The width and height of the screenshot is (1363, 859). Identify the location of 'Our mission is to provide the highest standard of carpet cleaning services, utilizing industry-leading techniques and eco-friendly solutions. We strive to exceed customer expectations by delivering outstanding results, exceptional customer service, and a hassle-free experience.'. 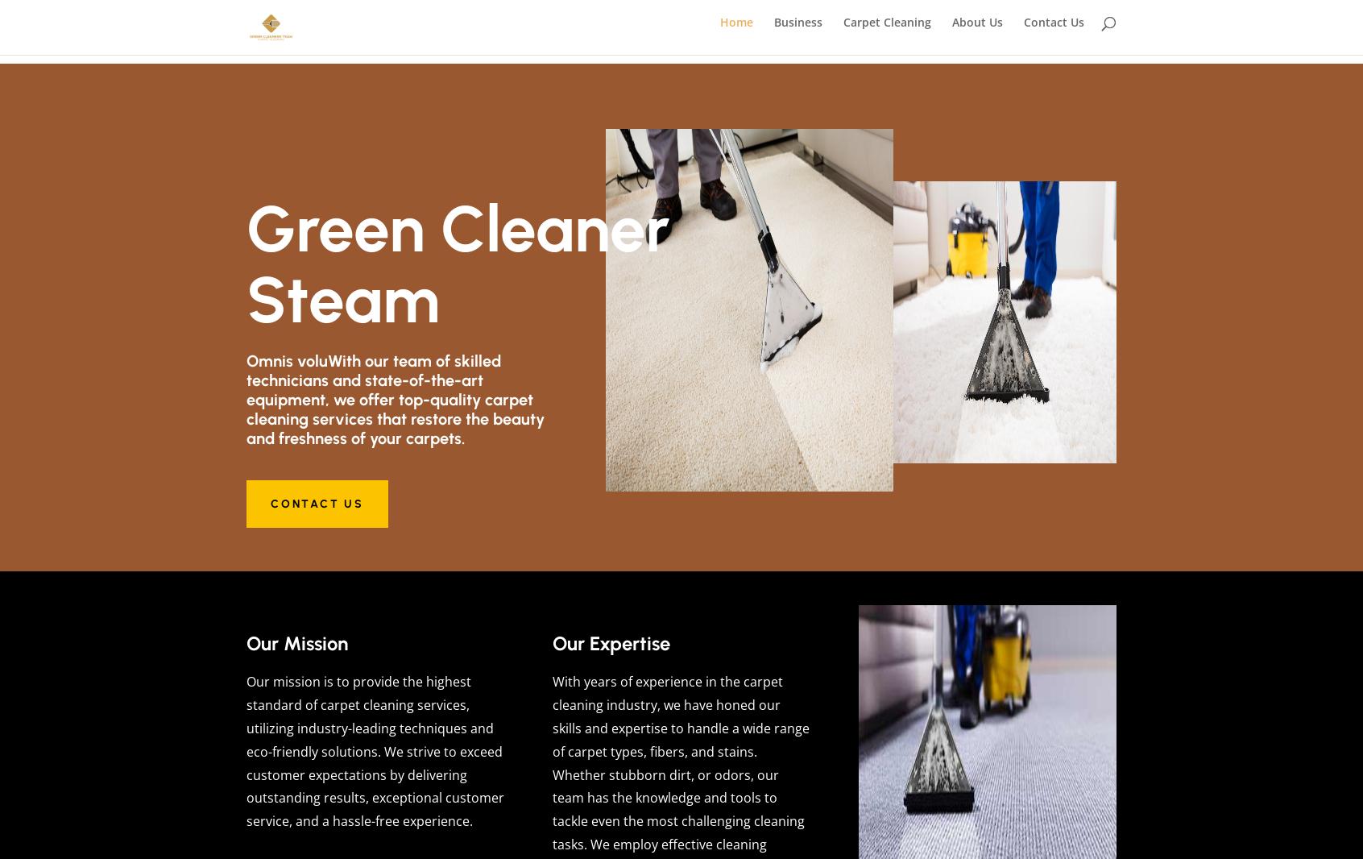
(374, 751).